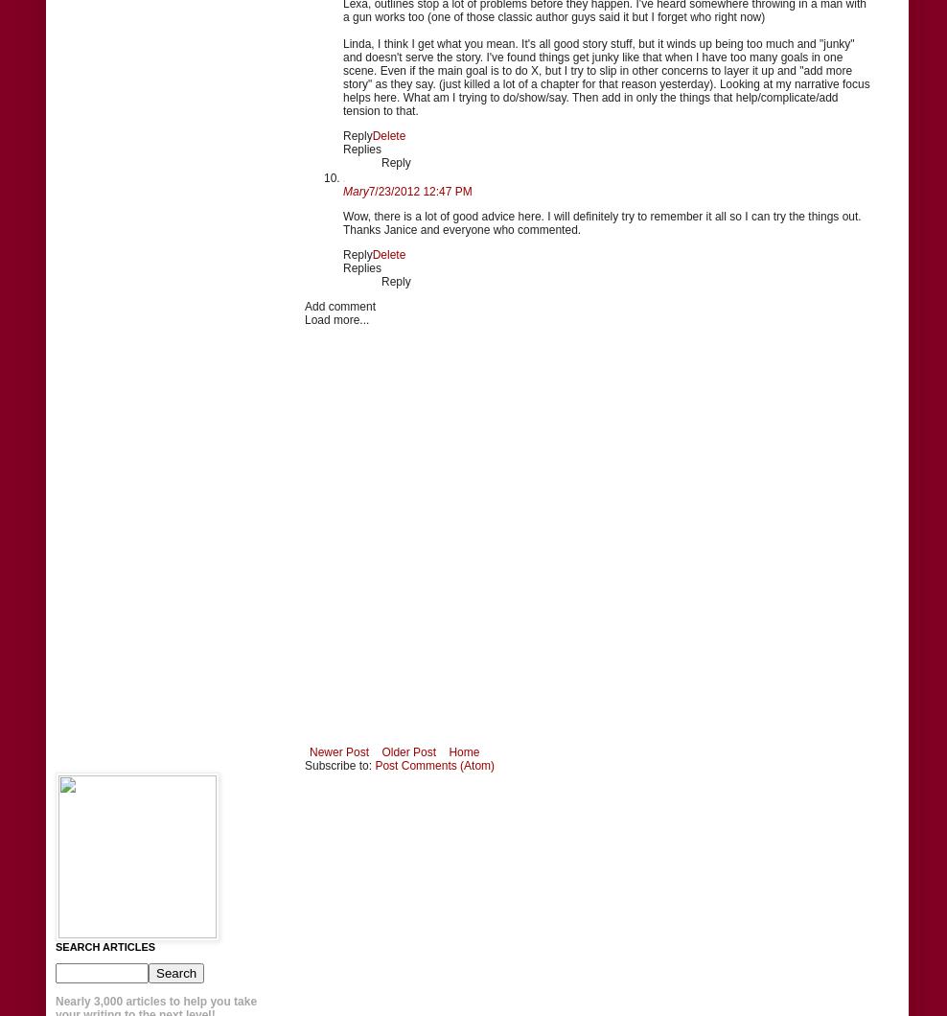 Image resolution: width=947 pixels, height=1016 pixels. Describe the element at coordinates (339, 750) in the screenshot. I see `'Newer Post'` at that location.